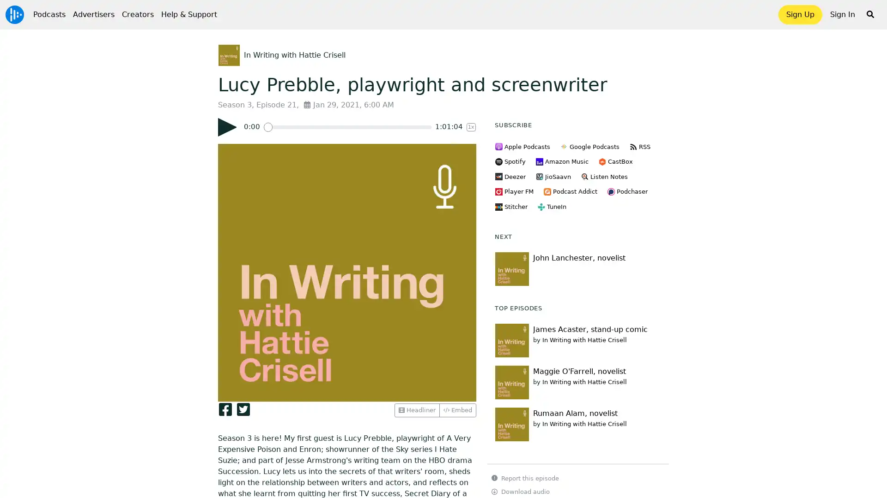 This screenshot has height=498, width=887. Describe the element at coordinates (227, 127) in the screenshot. I see `play` at that location.